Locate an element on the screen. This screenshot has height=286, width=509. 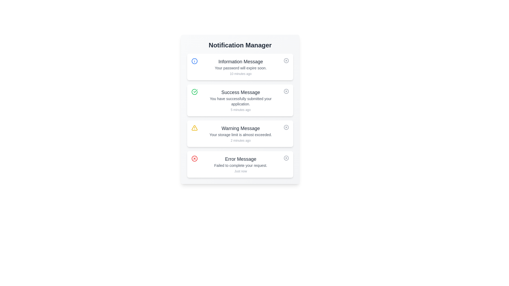
text from the Notification card, which is the last card in the vertically aligned list of notifications in the Notification Manager panel is located at coordinates (240, 164).